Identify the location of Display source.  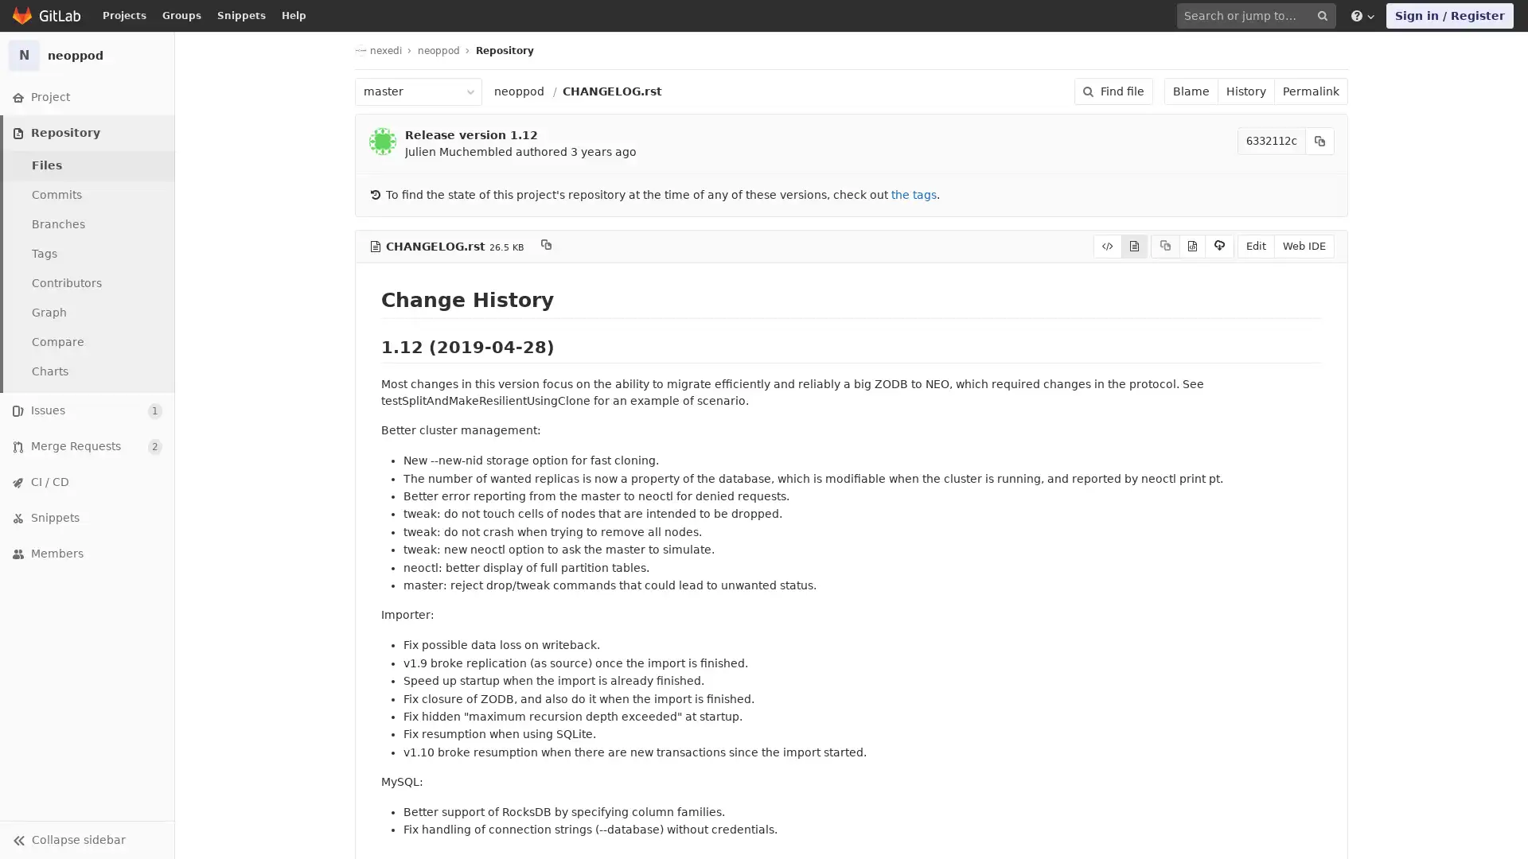
(1107, 246).